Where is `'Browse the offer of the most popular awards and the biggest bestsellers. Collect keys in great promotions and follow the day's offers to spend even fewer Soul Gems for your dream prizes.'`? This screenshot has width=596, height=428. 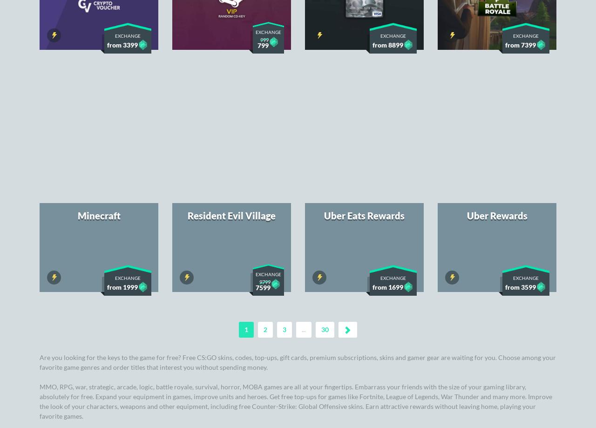 'Browse the offer of the most popular awards and the biggest bestsellers. Collect keys in great promotions and follow the day's offers to spend even fewer Soul Gems for your dream prizes.' is located at coordinates (297, 252).